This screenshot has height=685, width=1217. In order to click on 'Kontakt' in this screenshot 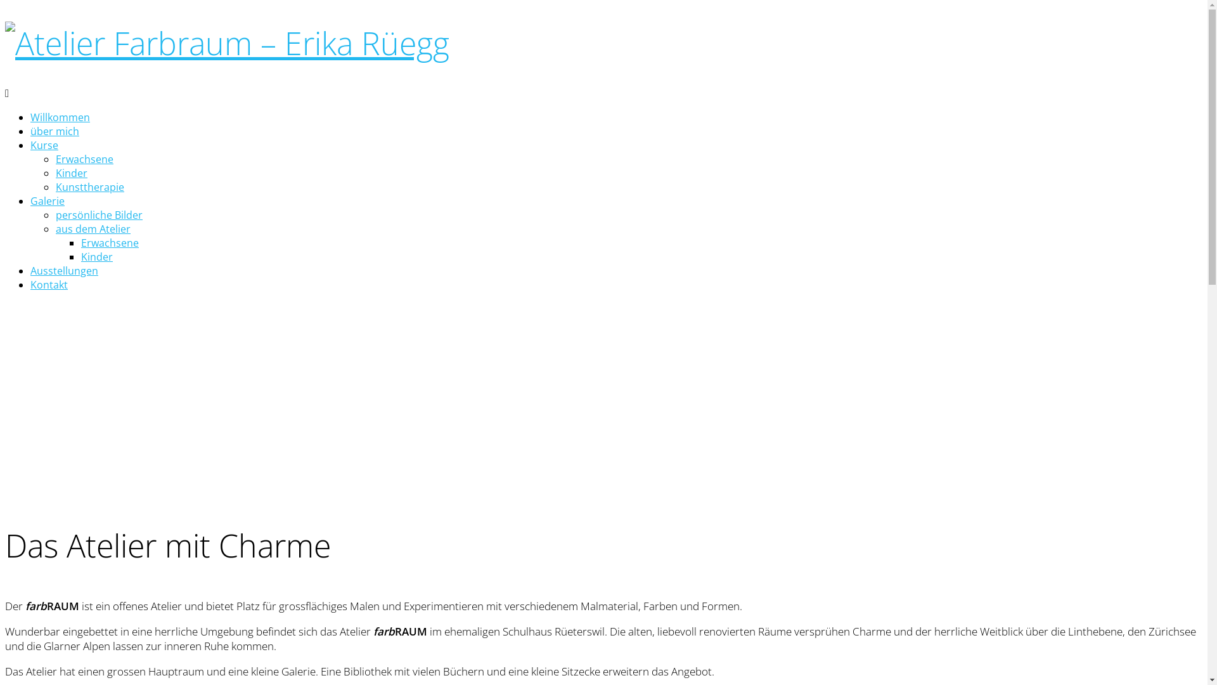, I will do `click(30, 284)`.